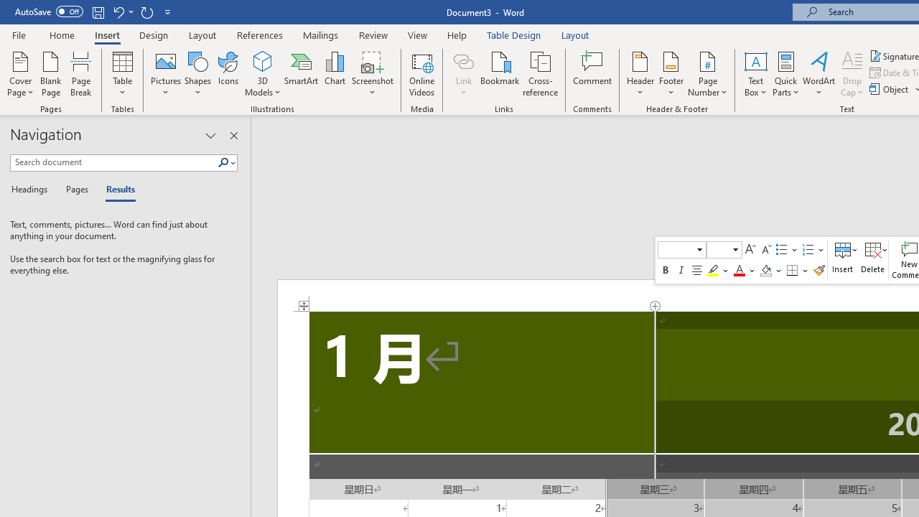 Image resolution: width=919 pixels, height=517 pixels. Describe the element at coordinates (872, 260) in the screenshot. I see `'Delete'` at that location.